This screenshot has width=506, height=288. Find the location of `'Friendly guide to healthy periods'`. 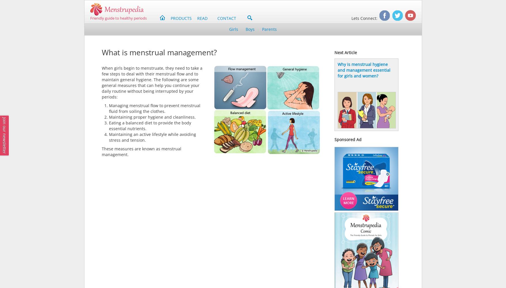

'Friendly guide to healthy periods' is located at coordinates (118, 18).